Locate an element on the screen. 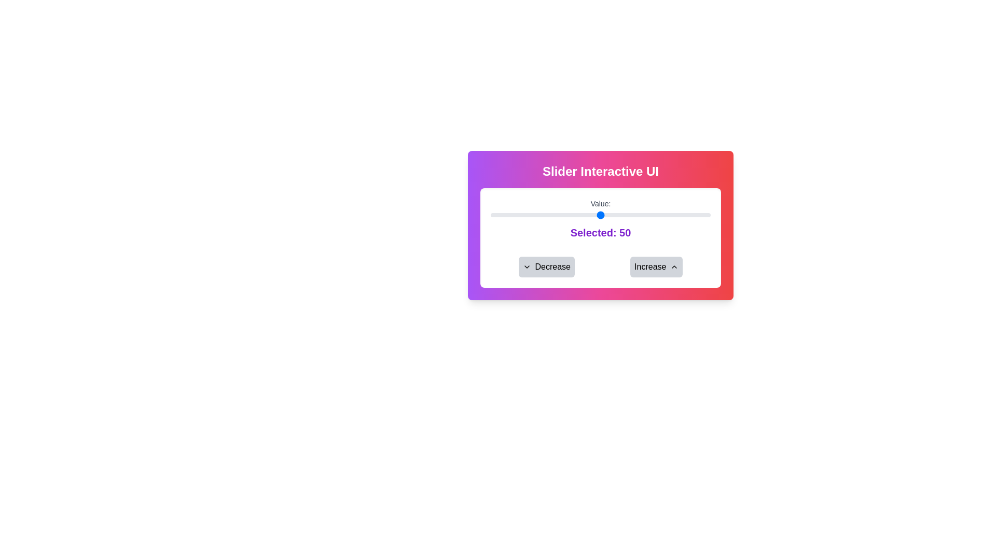 This screenshot has width=996, height=560. slider value is located at coordinates (589, 215).